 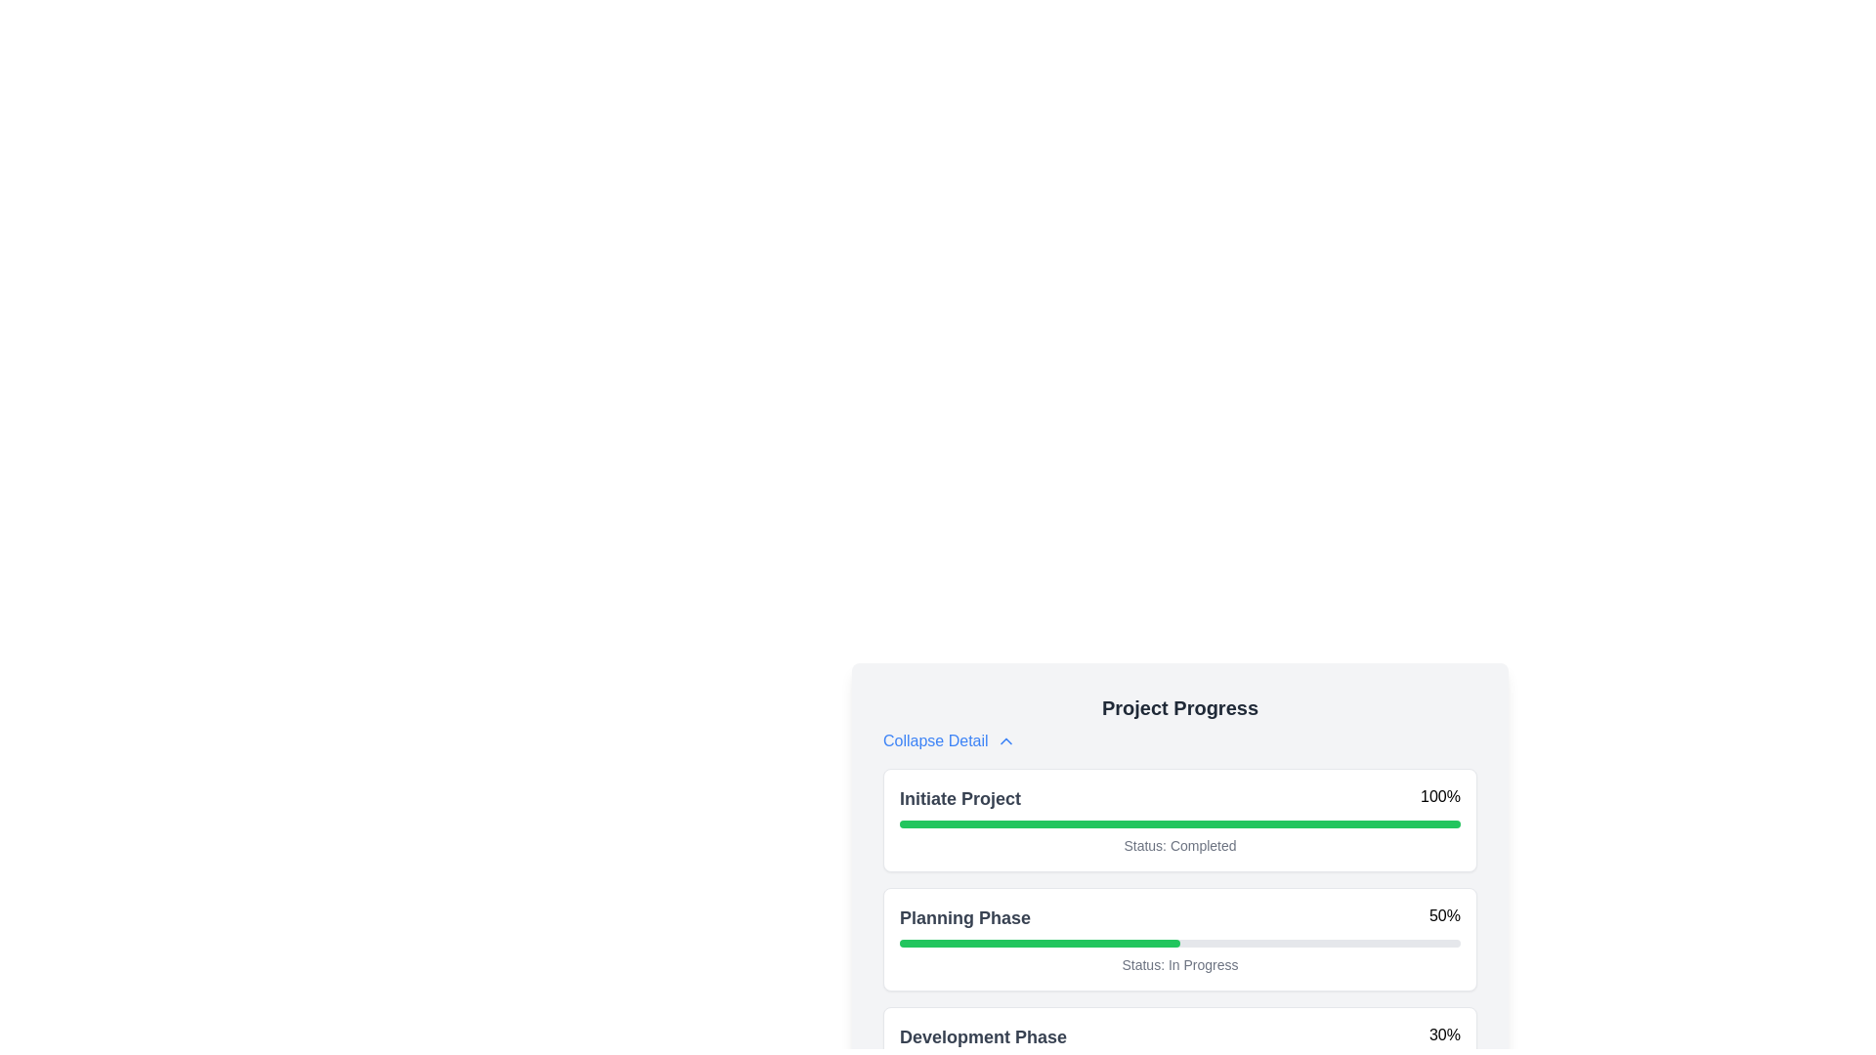 What do you see at coordinates (1179, 942) in the screenshot?
I see `the progress bar representing the 'Planning Phase' task, which indicates 50% completion and is located below the text 'Planning Phase'` at bounding box center [1179, 942].